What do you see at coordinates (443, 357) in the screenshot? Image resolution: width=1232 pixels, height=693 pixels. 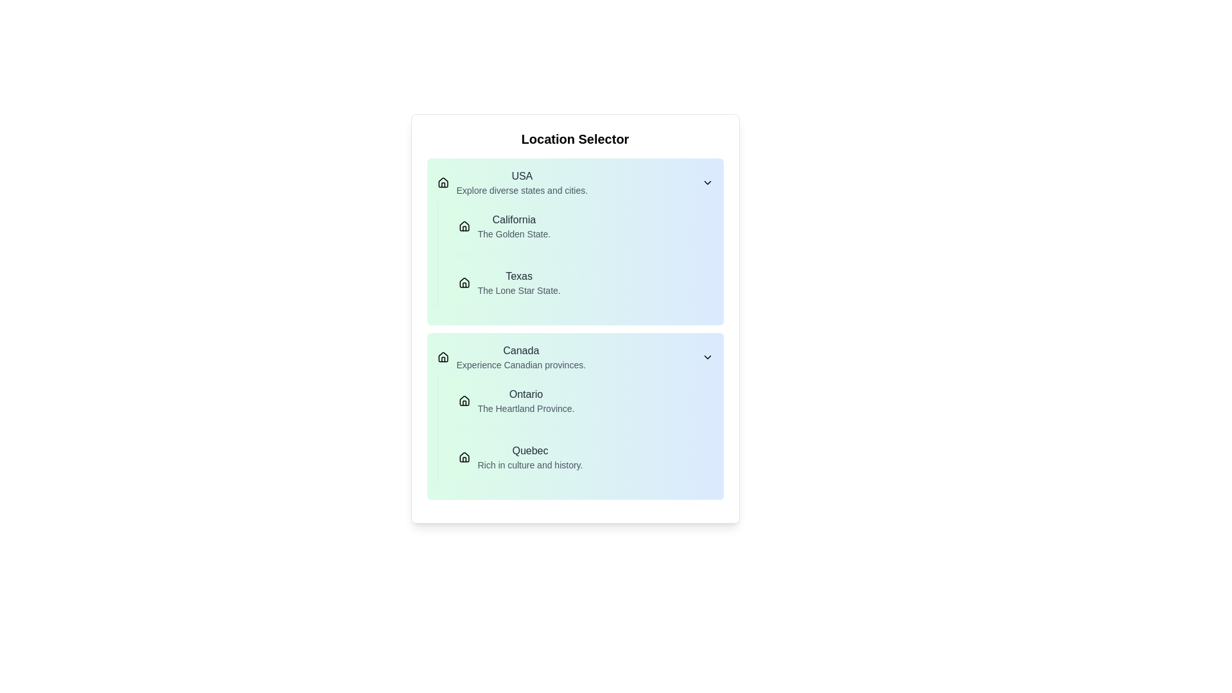 I see `the home icon located in the top-left corner of the 'Canada' group, adjacent to the title 'Canada'` at bounding box center [443, 357].